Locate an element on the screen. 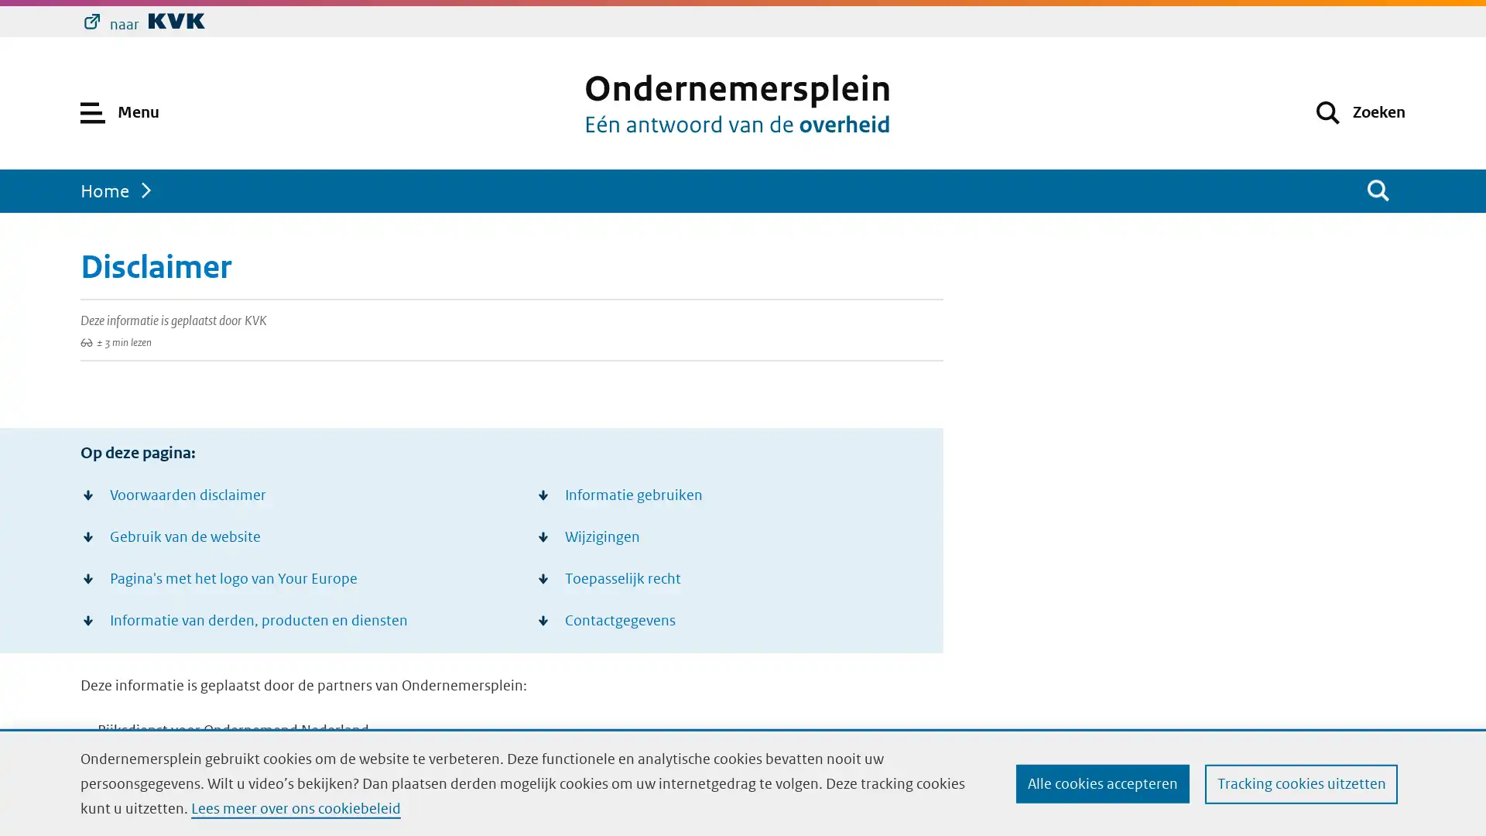 This screenshot has height=836, width=1486. Alle cookies accepteren is located at coordinates (1102, 783).